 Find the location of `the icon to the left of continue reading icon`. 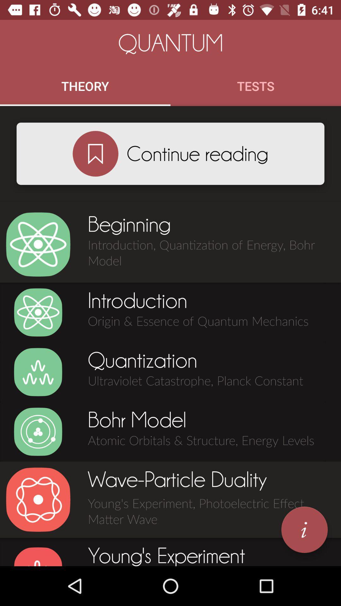

the icon to the left of continue reading icon is located at coordinates (95, 154).